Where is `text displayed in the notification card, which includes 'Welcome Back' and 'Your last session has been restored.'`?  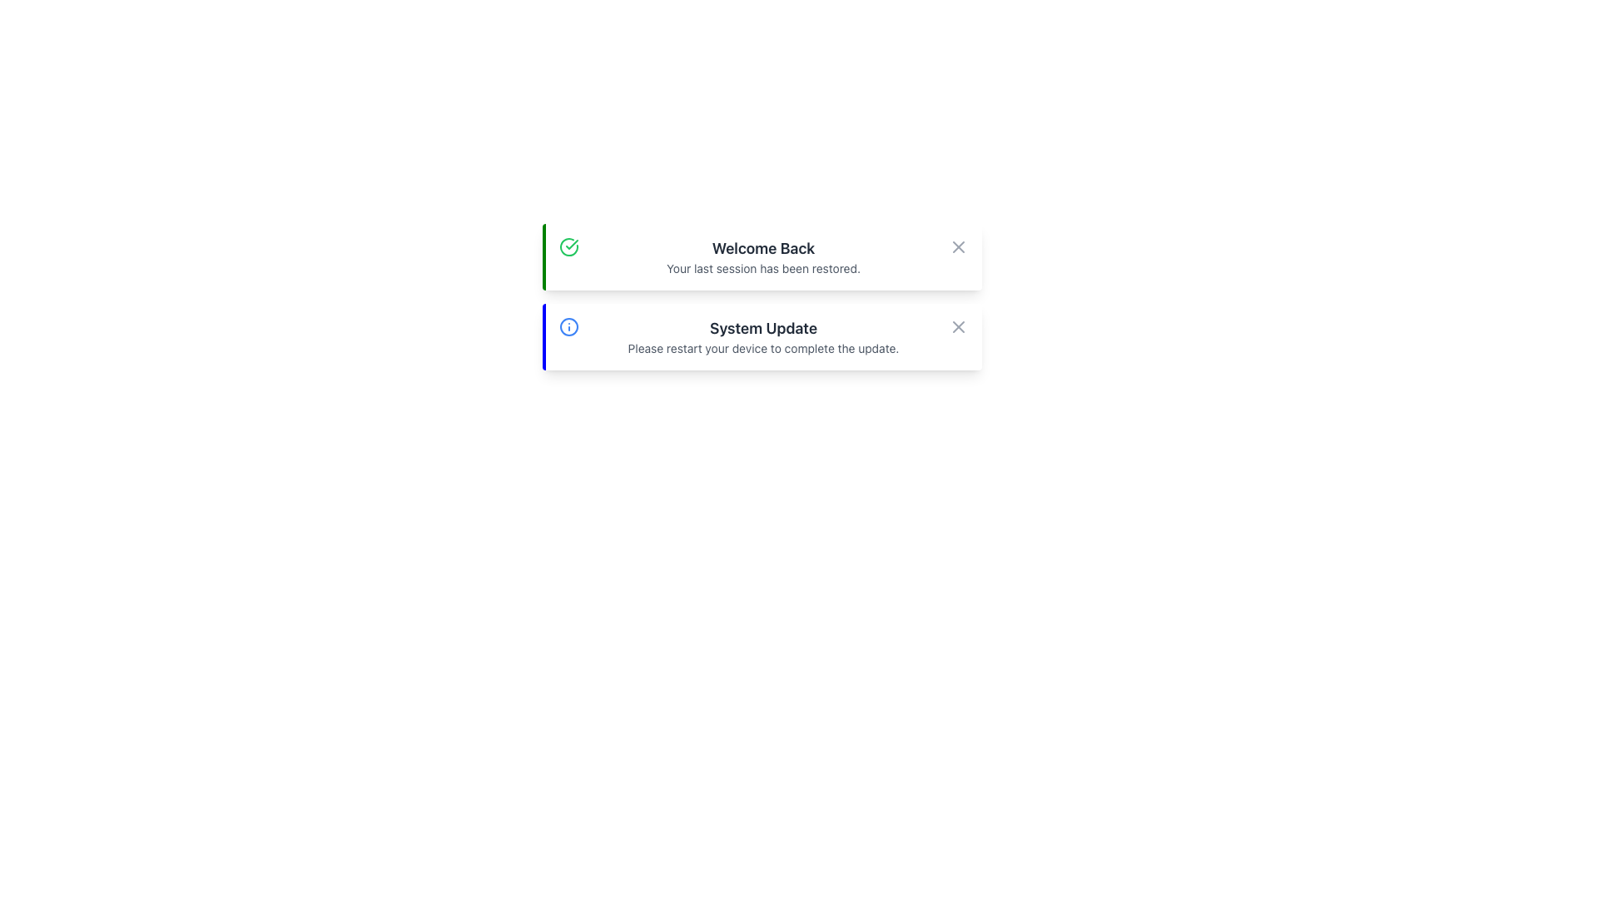 text displayed in the notification card, which includes 'Welcome Back' and 'Your last session has been restored.' is located at coordinates (762, 256).